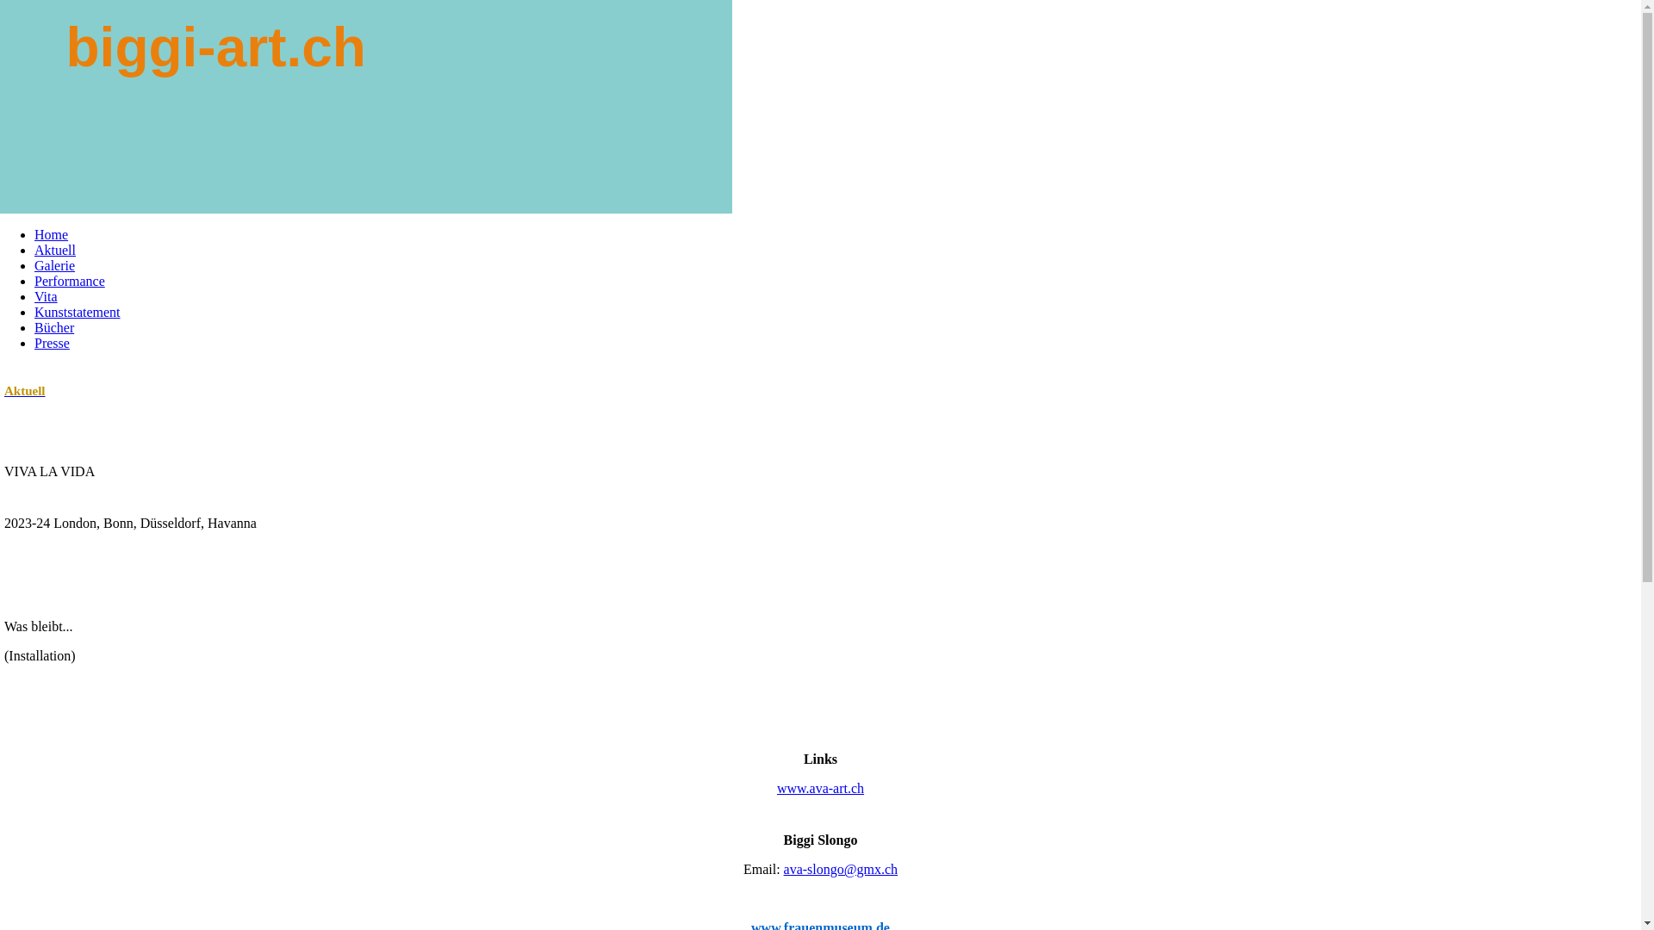 This screenshot has height=930, width=1654. Describe the element at coordinates (3, 390) in the screenshot. I see `'Aktuell'` at that location.